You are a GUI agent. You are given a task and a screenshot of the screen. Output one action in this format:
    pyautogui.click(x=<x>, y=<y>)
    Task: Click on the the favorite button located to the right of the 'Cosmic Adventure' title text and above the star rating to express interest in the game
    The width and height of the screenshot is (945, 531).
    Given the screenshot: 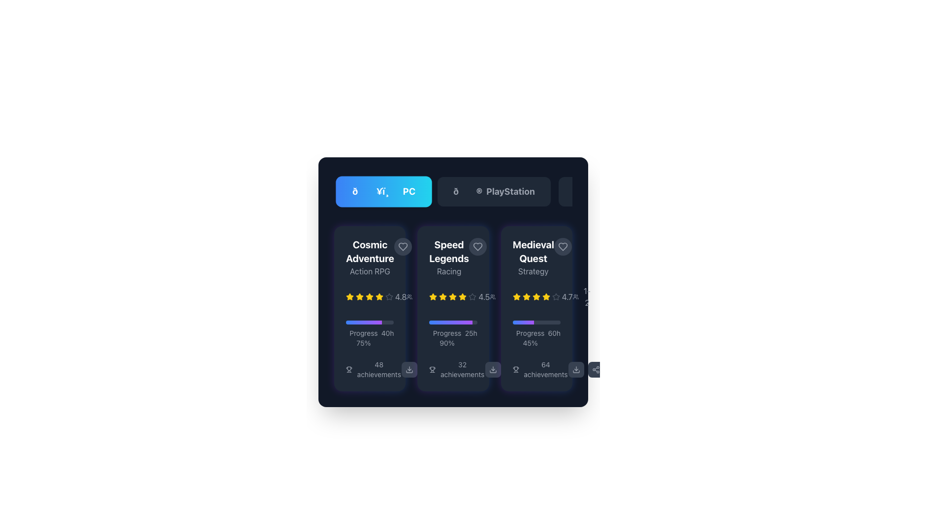 What is the action you would take?
    pyautogui.click(x=403, y=246)
    